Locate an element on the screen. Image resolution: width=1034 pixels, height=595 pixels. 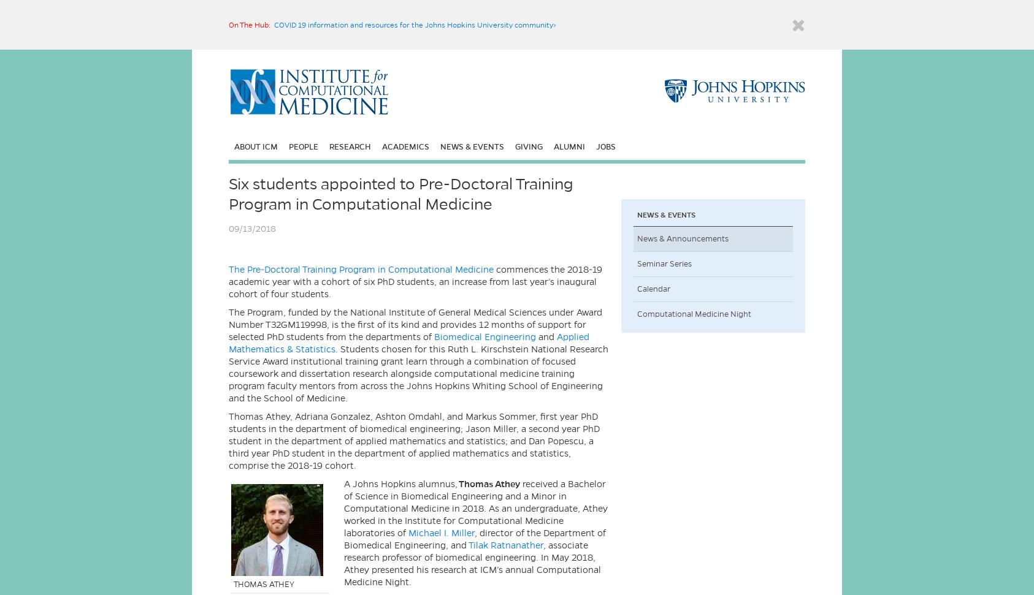
'Alumni' is located at coordinates (553, 146).